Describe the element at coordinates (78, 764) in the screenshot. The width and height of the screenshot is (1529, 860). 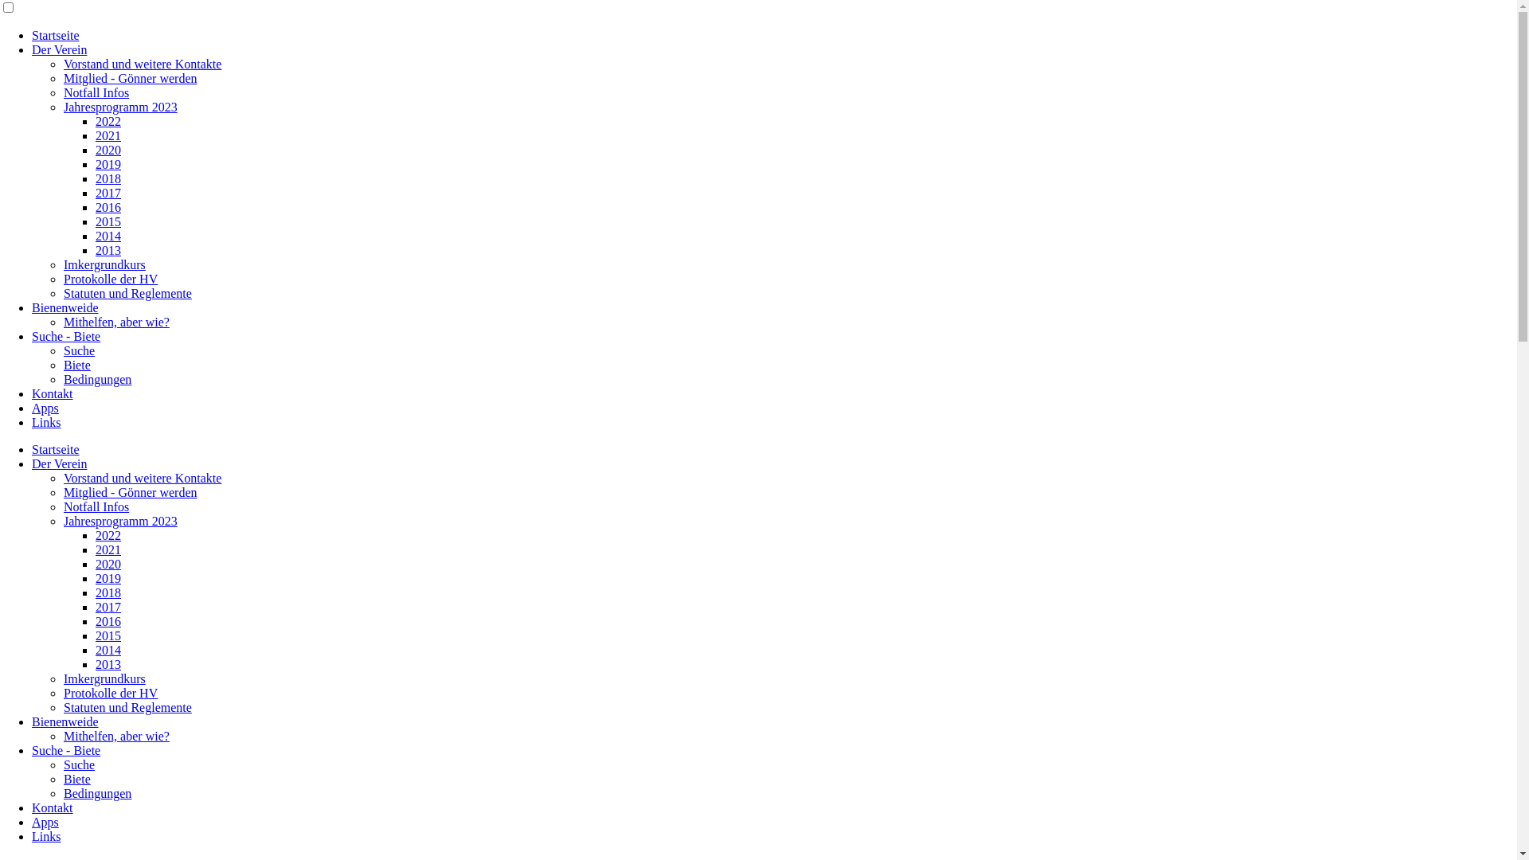
I see `'Suche'` at that location.